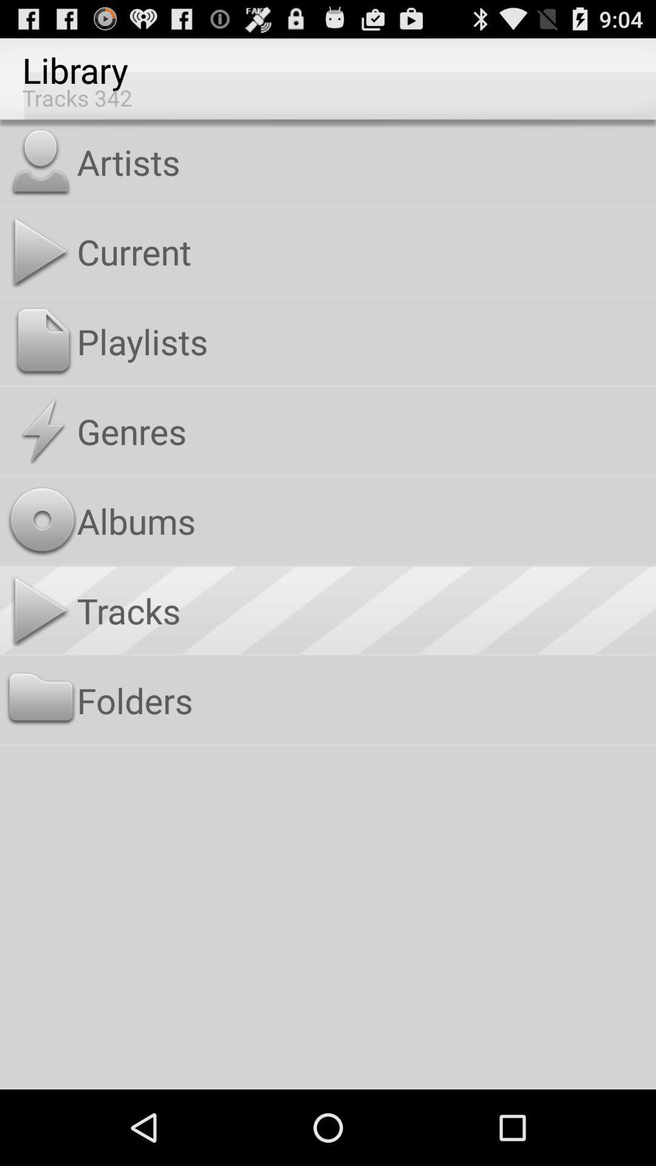 The width and height of the screenshot is (656, 1166). Describe the element at coordinates (363, 341) in the screenshot. I see `the playlists` at that location.